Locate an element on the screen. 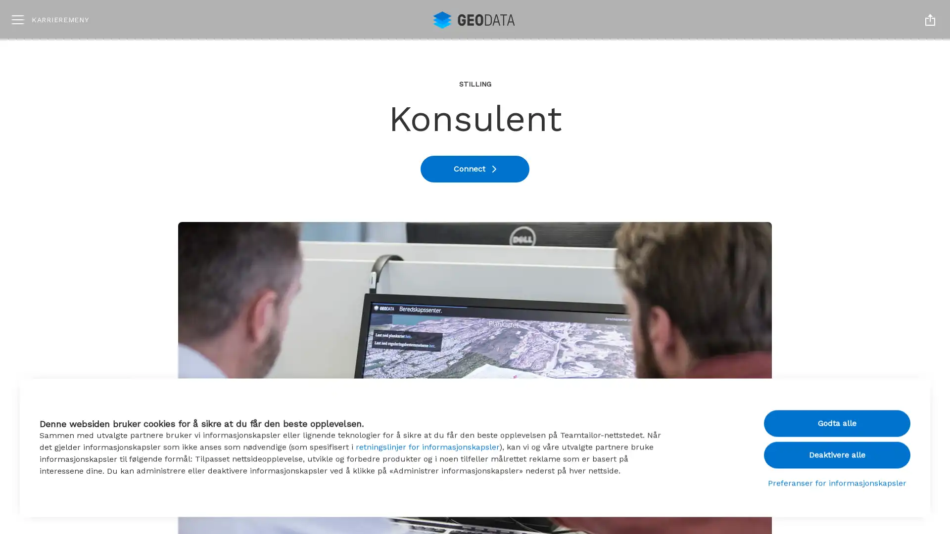 This screenshot has width=950, height=534. Preferanser for informasjonskapsler is located at coordinates (837, 480).